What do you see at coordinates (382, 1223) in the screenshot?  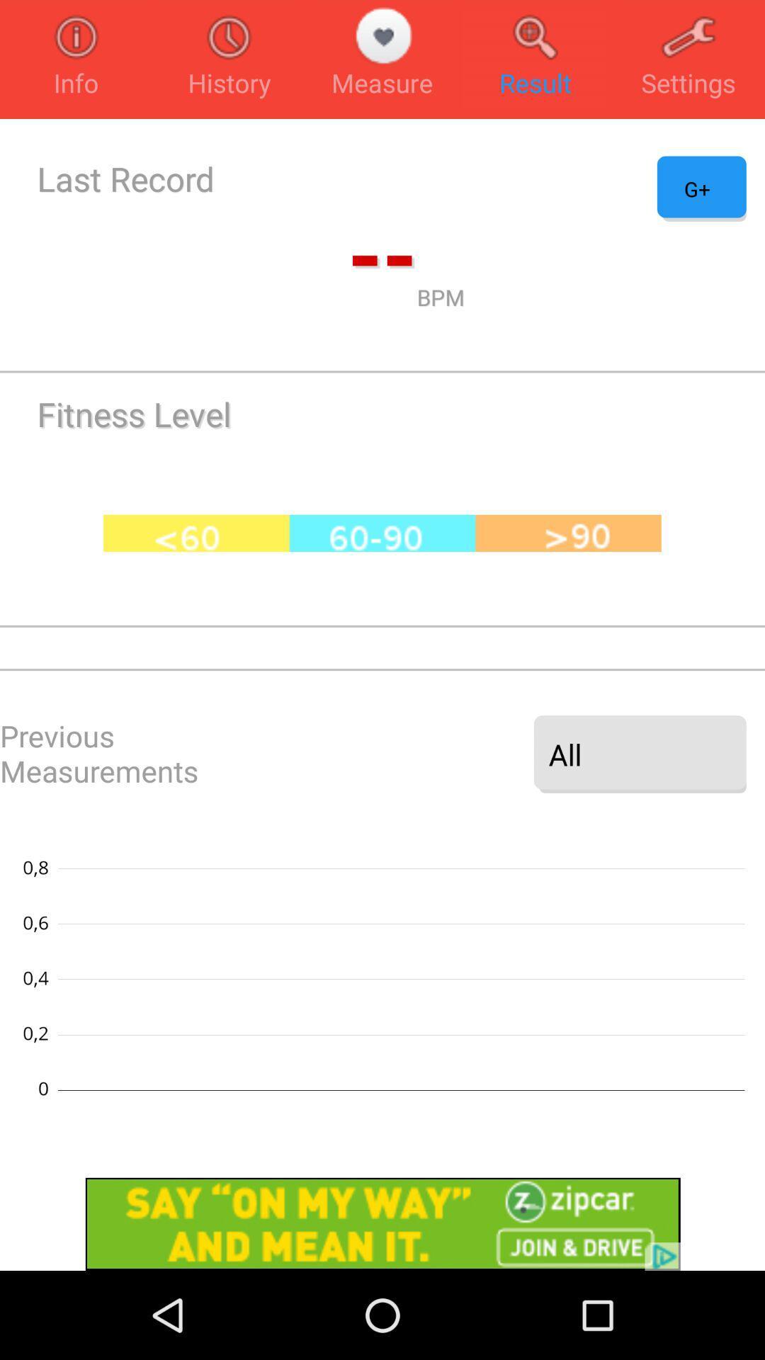 I see `advertisement` at bounding box center [382, 1223].